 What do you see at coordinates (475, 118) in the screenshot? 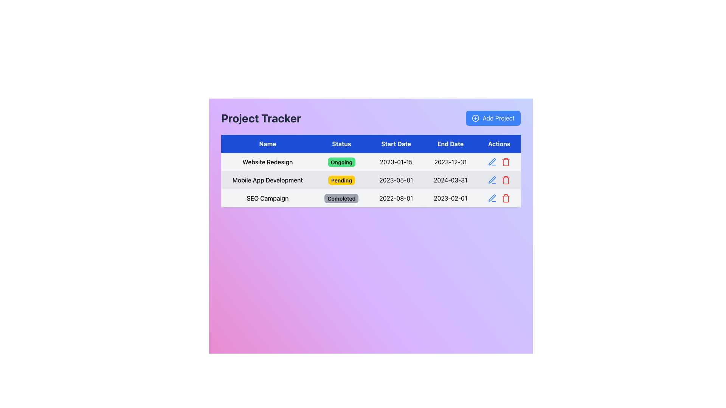
I see `the circular '+' icon with a blue outline that is part of the 'Add Project' button` at bounding box center [475, 118].